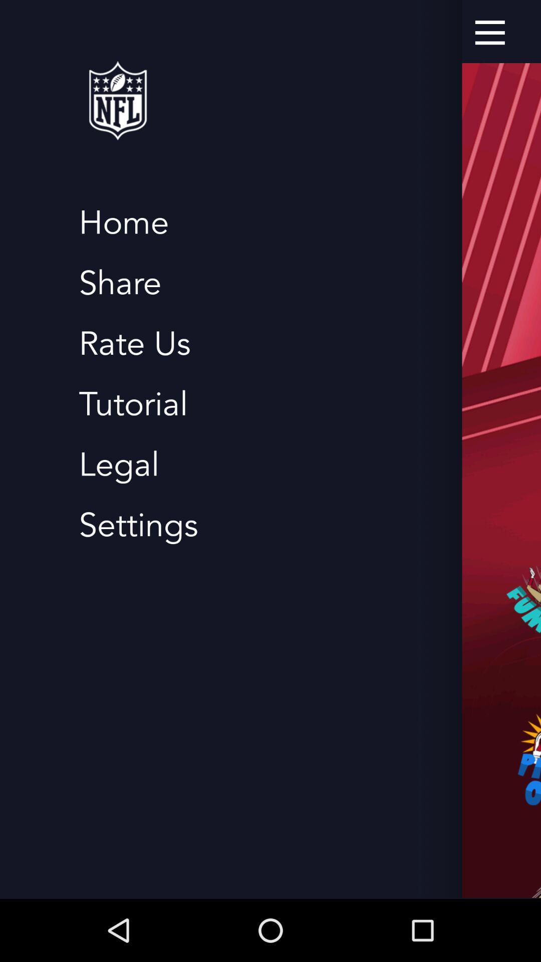 The height and width of the screenshot is (962, 541). Describe the element at coordinates (118, 464) in the screenshot. I see `the item below tutorial` at that location.